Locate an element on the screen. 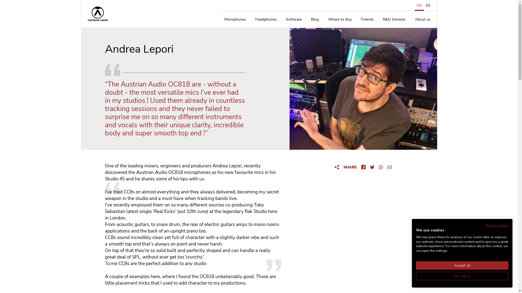 The height and width of the screenshot is (293, 522). 'DE' is located at coordinates (423, 5).